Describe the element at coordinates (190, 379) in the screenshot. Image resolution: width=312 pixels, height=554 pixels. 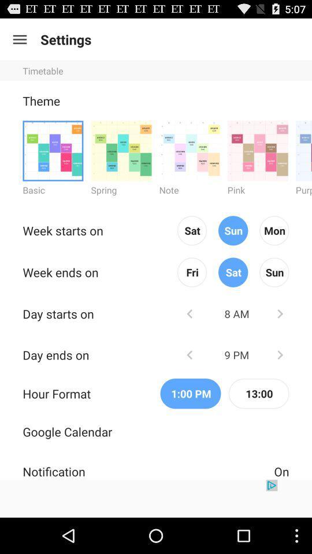
I see `the arrow_backward icon` at that location.